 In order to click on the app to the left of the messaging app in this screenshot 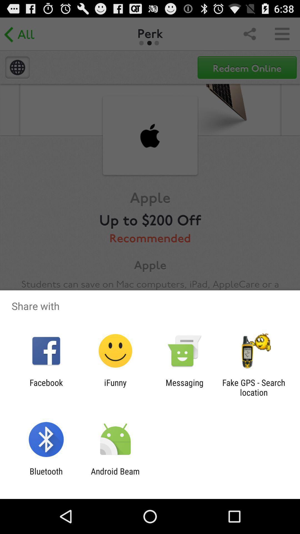, I will do `click(115, 387)`.